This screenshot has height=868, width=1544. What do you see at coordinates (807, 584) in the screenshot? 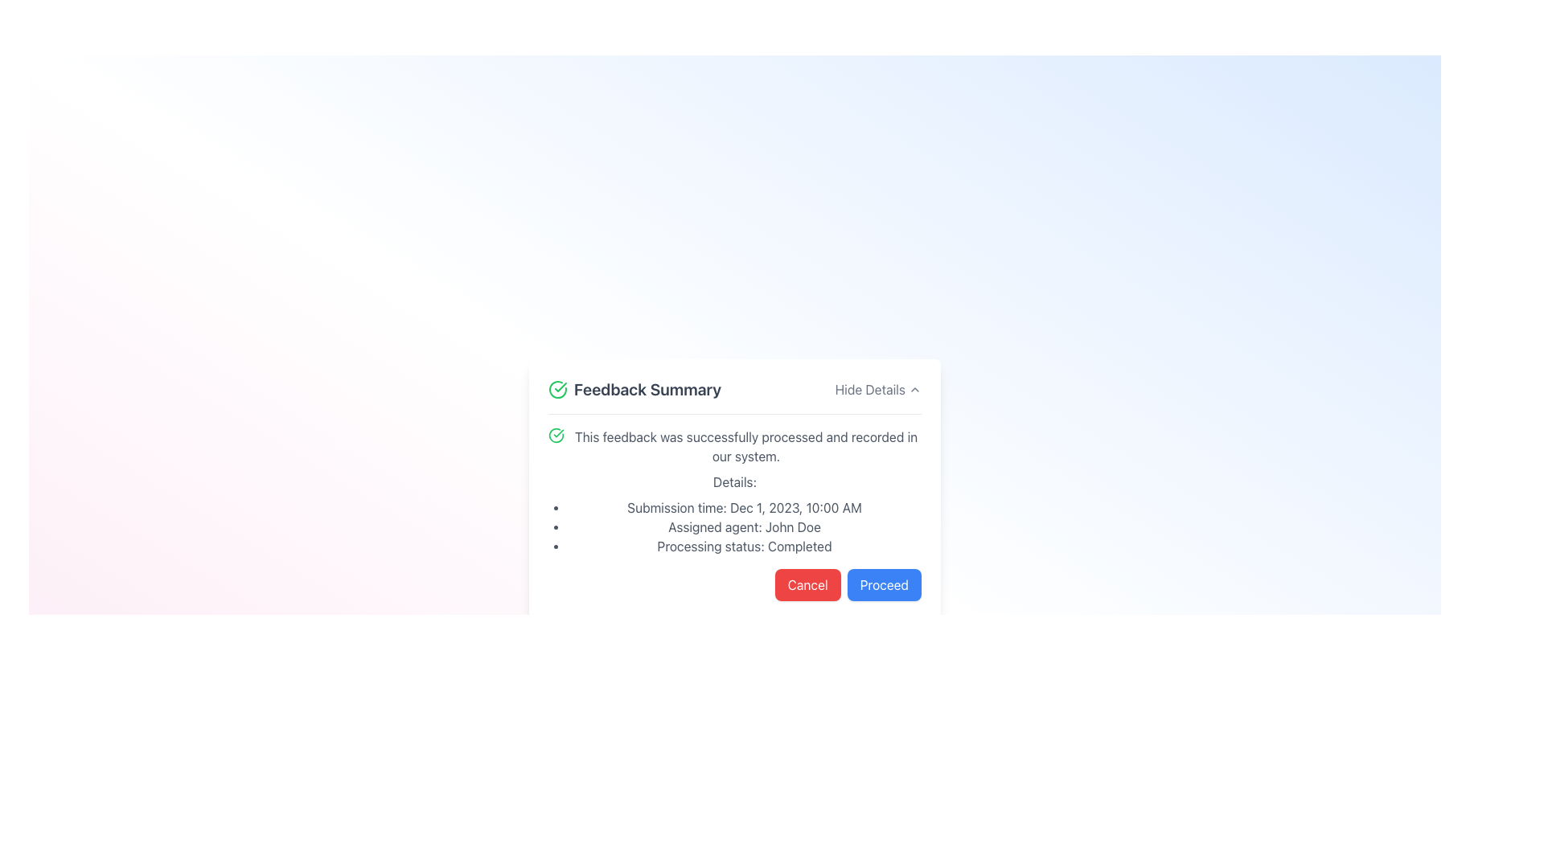
I see `the cancel button located on the bottom section of the feedback summary modal` at bounding box center [807, 584].